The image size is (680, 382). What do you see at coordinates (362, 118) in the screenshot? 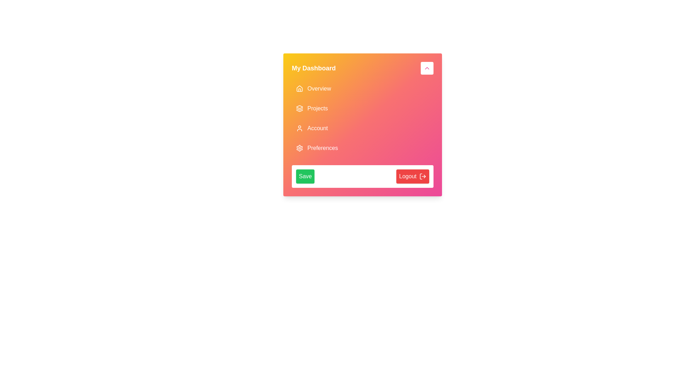
I see `the 'Projects' entry in the vertical navigation menu` at bounding box center [362, 118].